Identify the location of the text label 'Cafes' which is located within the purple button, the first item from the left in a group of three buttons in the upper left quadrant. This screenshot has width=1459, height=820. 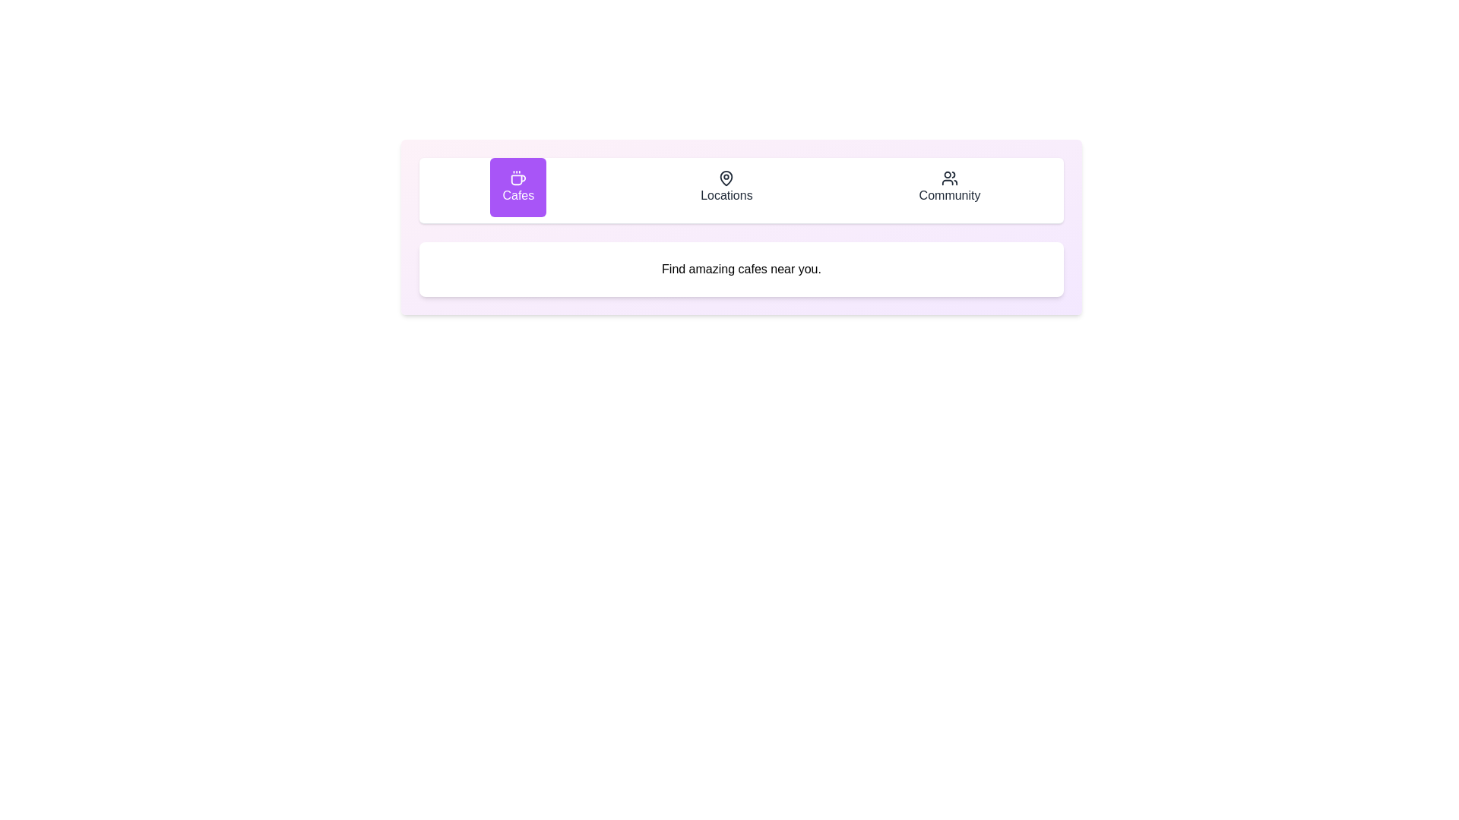
(518, 195).